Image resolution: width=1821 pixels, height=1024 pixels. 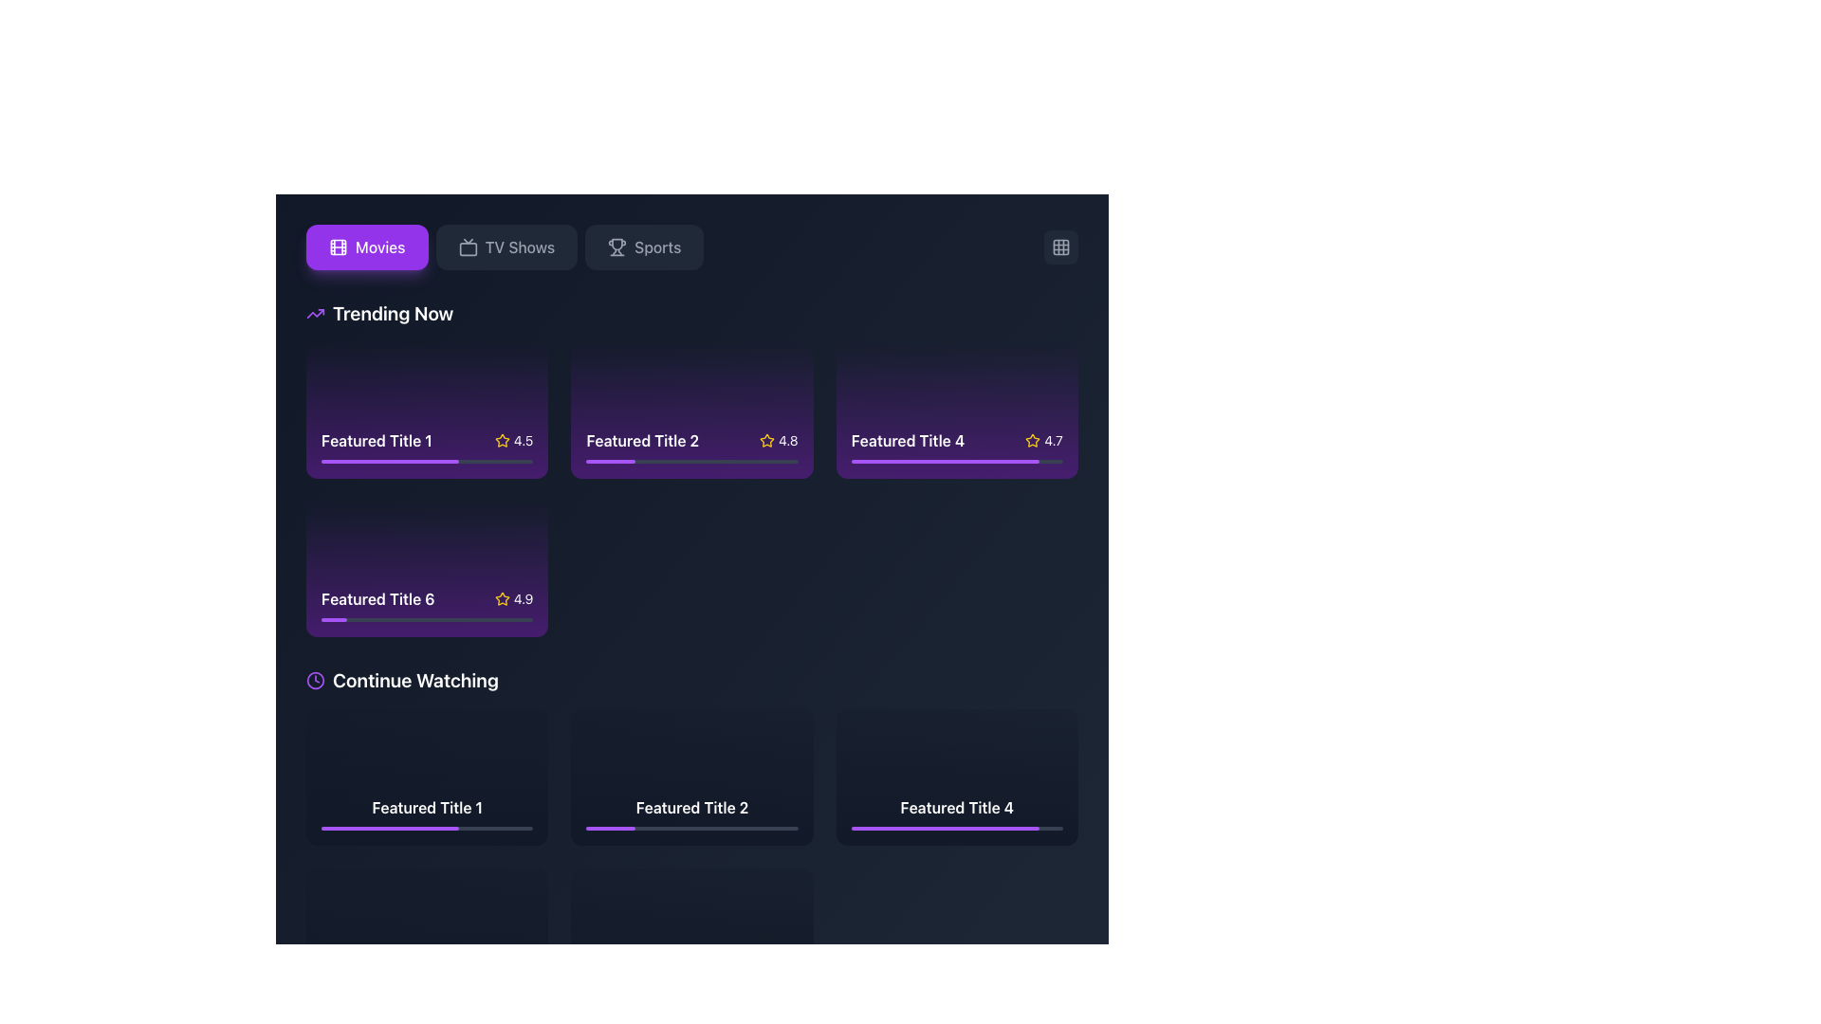 What do you see at coordinates (334, 620) in the screenshot?
I see `the Progress Indicator associated with 'Featured Title 6', which visually represents the completion of a task and is located within a gray bar below the title and adjacent to its user rating` at bounding box center [334, 620].